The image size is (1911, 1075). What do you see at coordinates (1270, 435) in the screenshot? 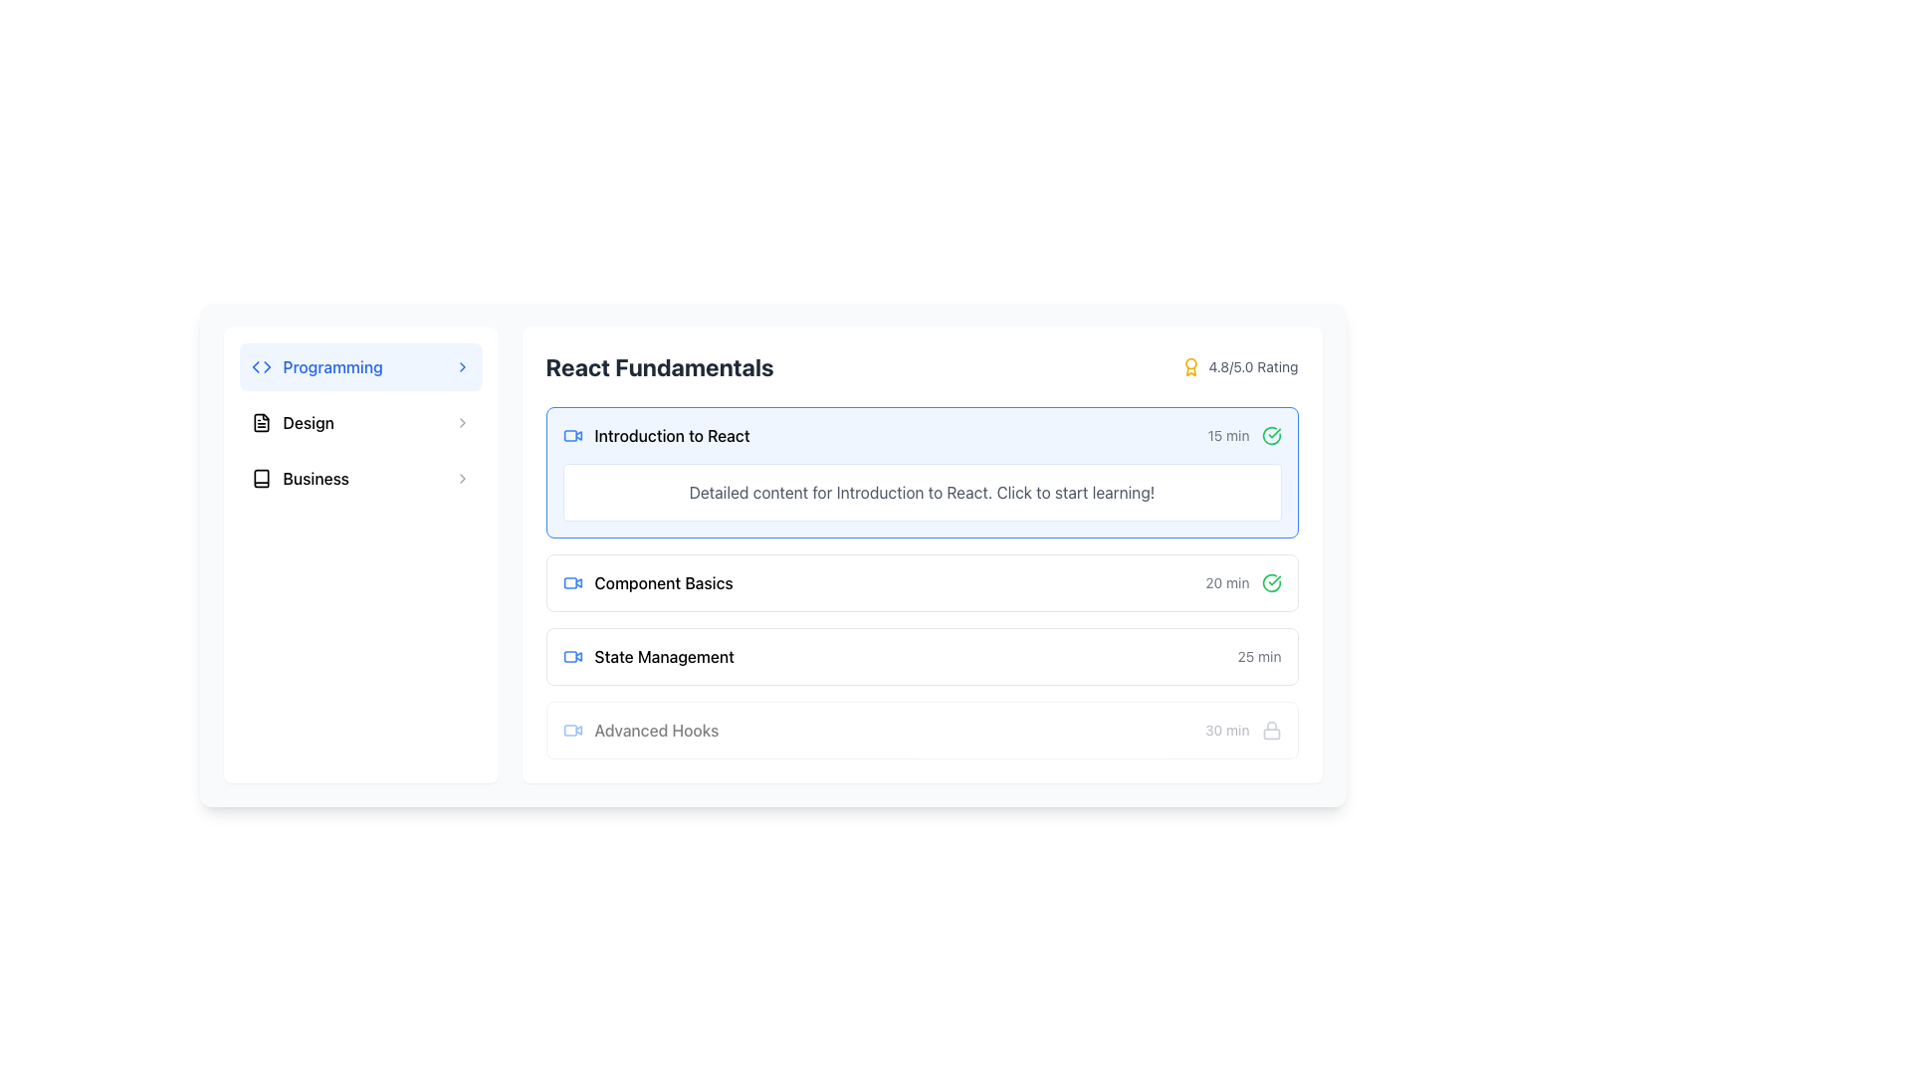
I see `the green checkmark icon within the circular area indicating a completed action` at bounding box center [1270, 435].